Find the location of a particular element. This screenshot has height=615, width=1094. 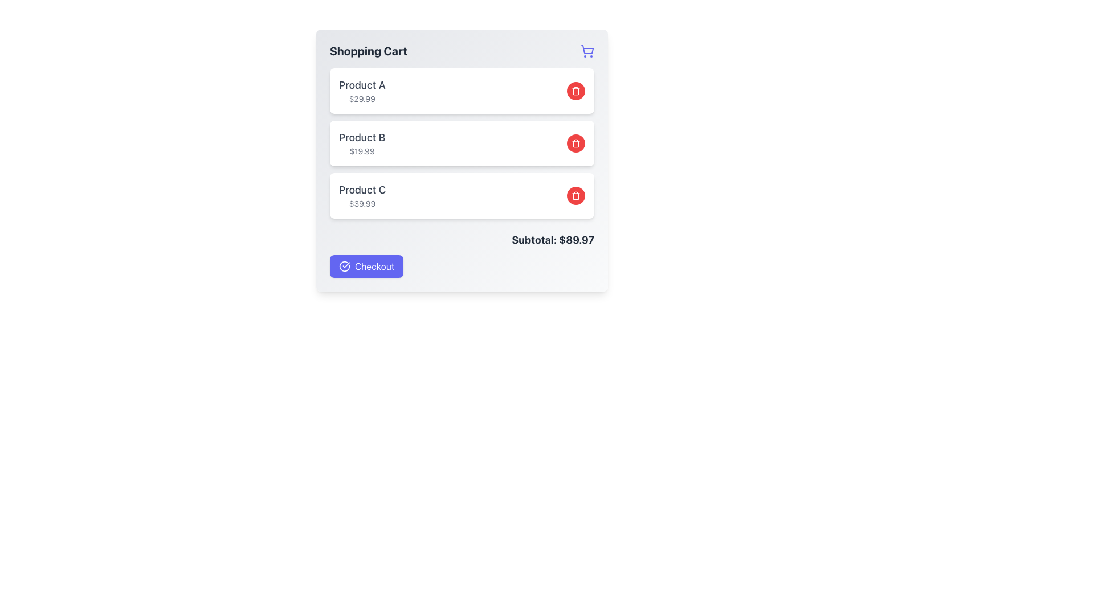

static text label displaying the name of the product ('Product C') located in the third product listing of the 'Shopping Cart' card interface, positioned above the price '$39.99' is located at coordinates (362, 190).